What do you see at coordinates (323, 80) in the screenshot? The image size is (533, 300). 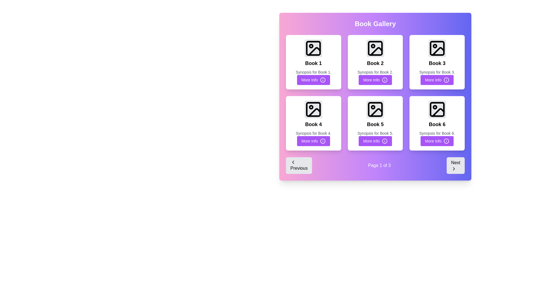 I see `the circular purple information icon with an 'i' symbol located to the right of the 'More Info' text button at the bottom of the 'Book 4' card` at bounding box center [323, 80].